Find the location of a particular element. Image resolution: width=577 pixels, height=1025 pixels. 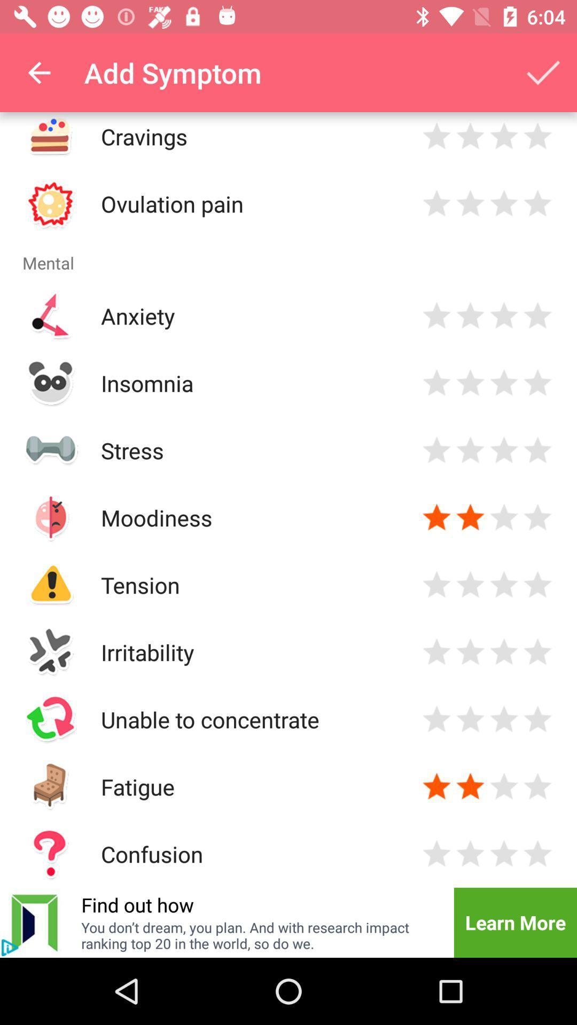

give three stars to moodiness is located at coordinates (504, 517).